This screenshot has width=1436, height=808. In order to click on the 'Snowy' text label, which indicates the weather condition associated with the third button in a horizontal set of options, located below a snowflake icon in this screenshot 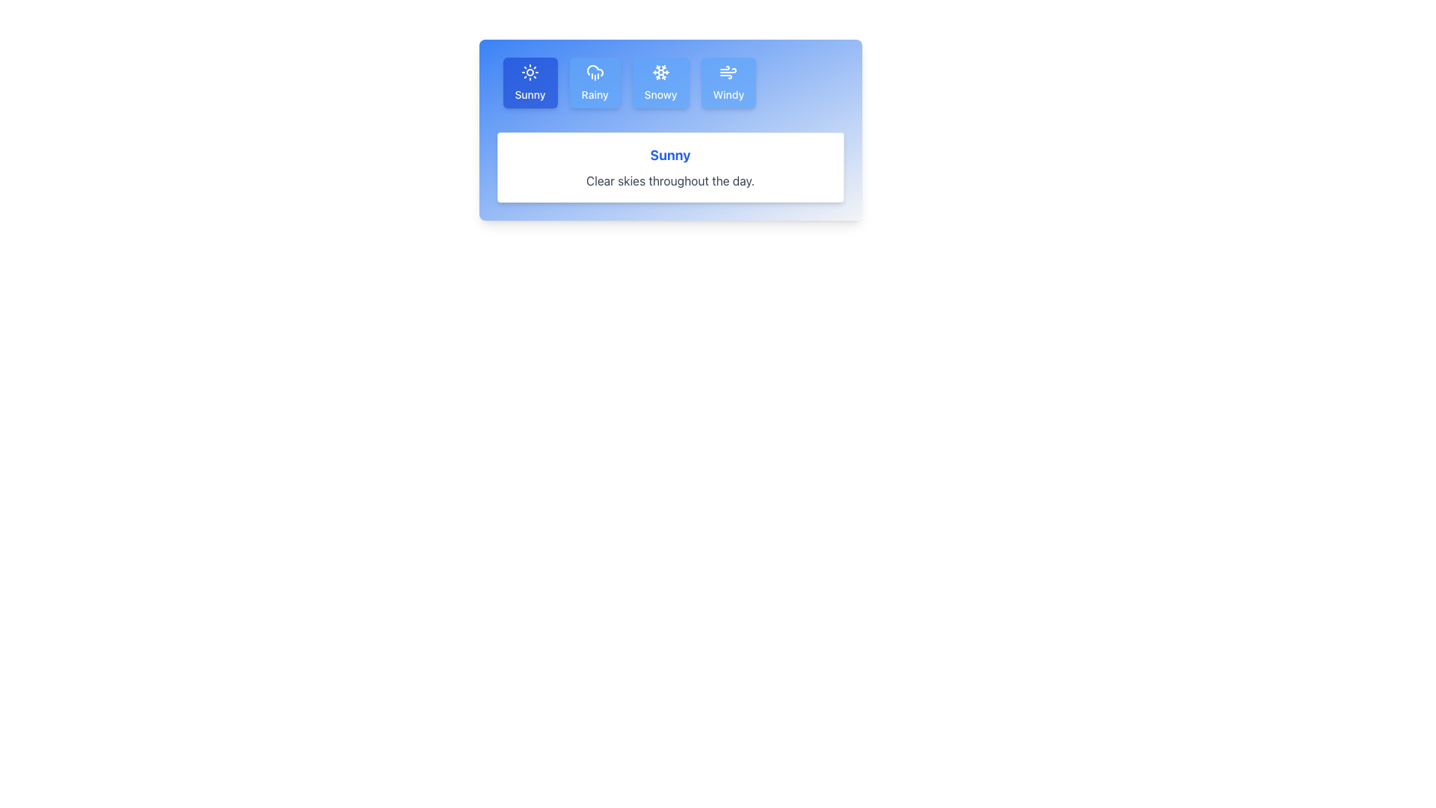, I will do `click(660, 95)`.